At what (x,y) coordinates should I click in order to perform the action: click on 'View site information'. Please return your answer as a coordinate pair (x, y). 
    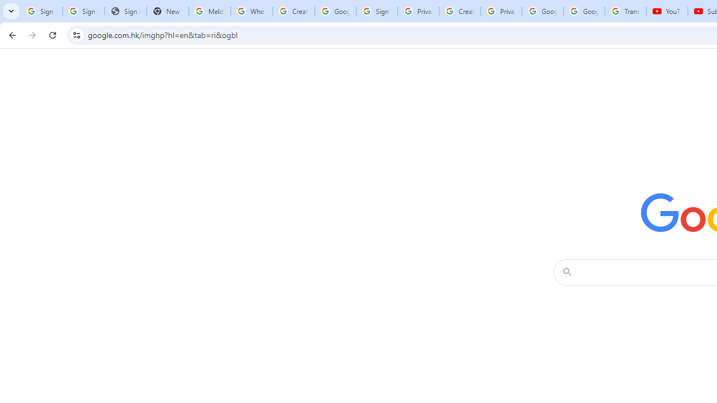
    Looking at the image, I should click on (76, 34).